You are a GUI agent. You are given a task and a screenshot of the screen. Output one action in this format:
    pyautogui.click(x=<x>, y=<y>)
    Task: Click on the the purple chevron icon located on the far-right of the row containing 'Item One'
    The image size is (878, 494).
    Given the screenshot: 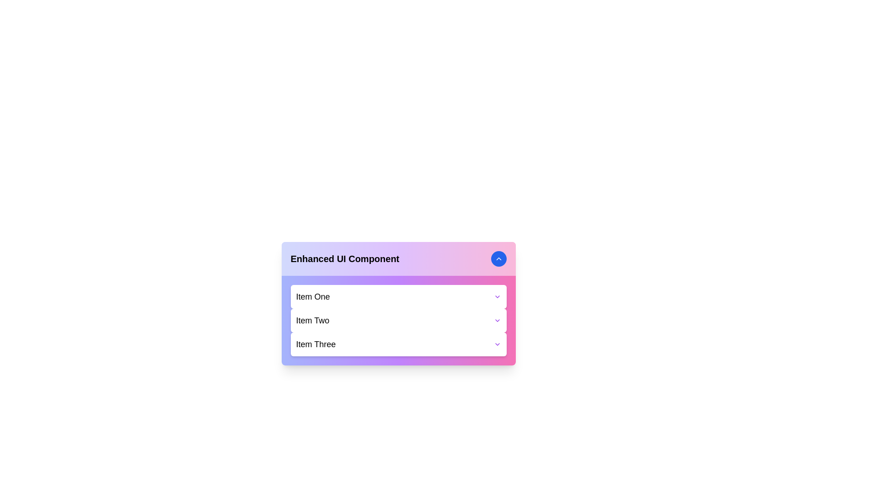 What is the action you would take?
    pyautogui.click(x=497, y=296)
    